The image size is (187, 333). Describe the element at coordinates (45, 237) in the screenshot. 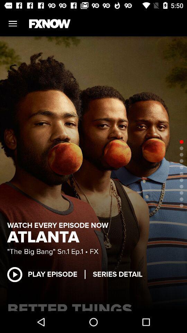

I see `item above the big bang icon` at that location.